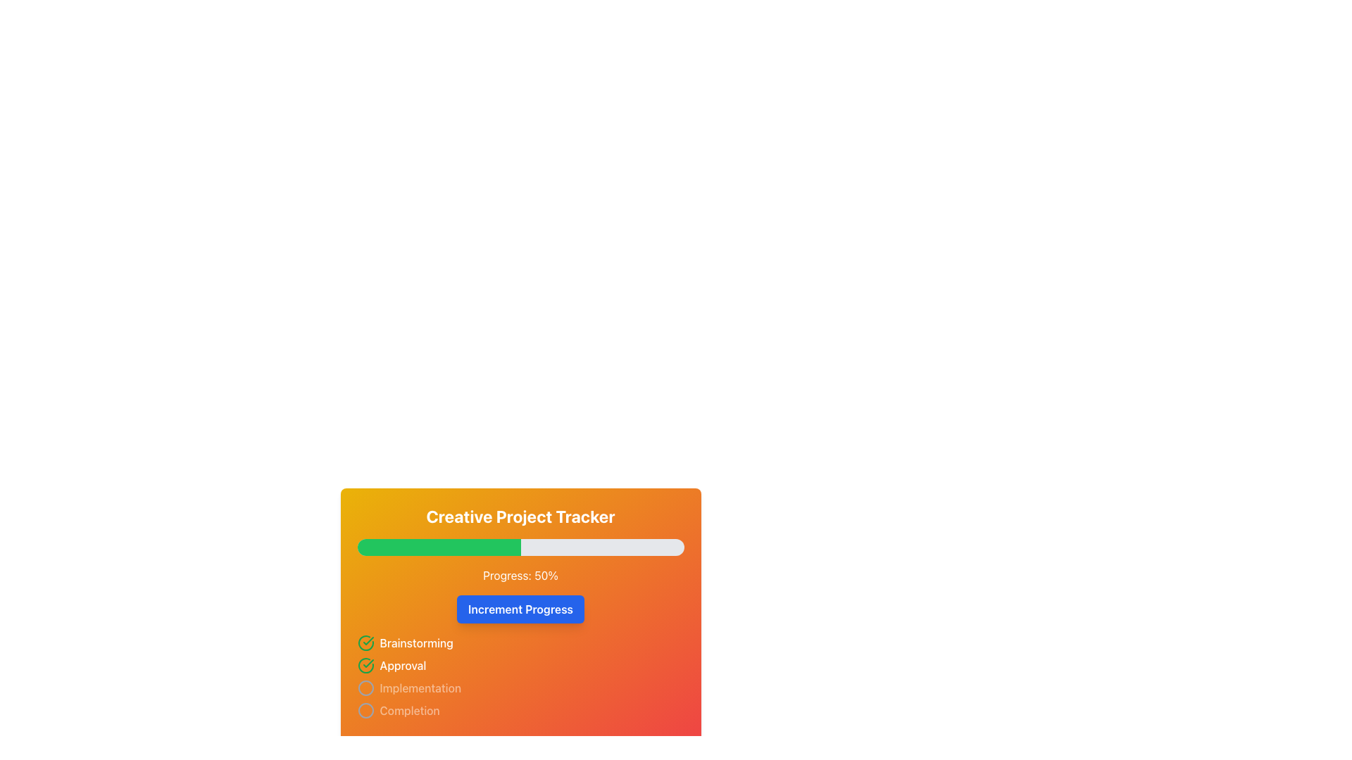 Image resolution: width=1352 pixels, height=760 pixels. What do you see at coordinates (520, 614) in the screenshot?
I see `progress status from the 'Creative Project Tracker' module, which displays a progress bar labeled 'Progress: 50%'` at bounding box center [520, 614].